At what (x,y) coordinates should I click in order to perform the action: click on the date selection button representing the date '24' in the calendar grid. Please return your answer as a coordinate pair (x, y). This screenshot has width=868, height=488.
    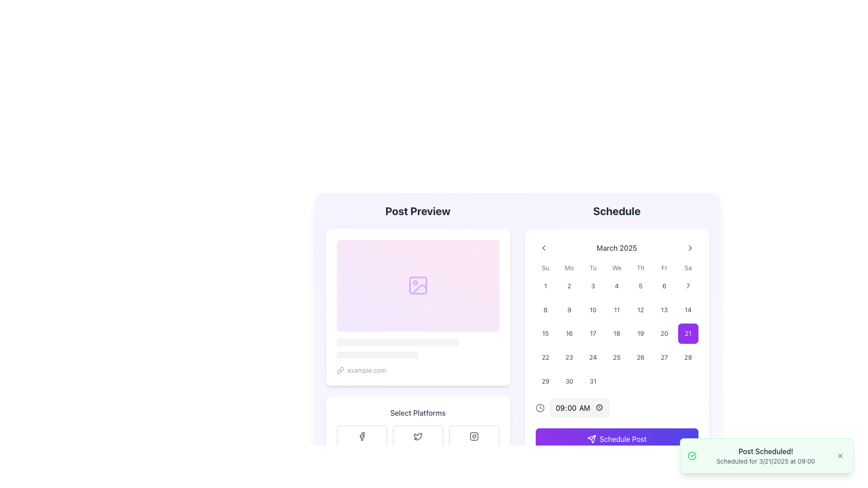
    Looking at the image, I should click on (593, 357).